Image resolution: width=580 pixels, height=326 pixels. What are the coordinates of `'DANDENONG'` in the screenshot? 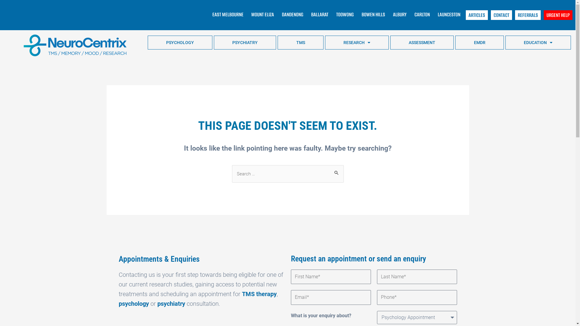 It's located at (279, 14).